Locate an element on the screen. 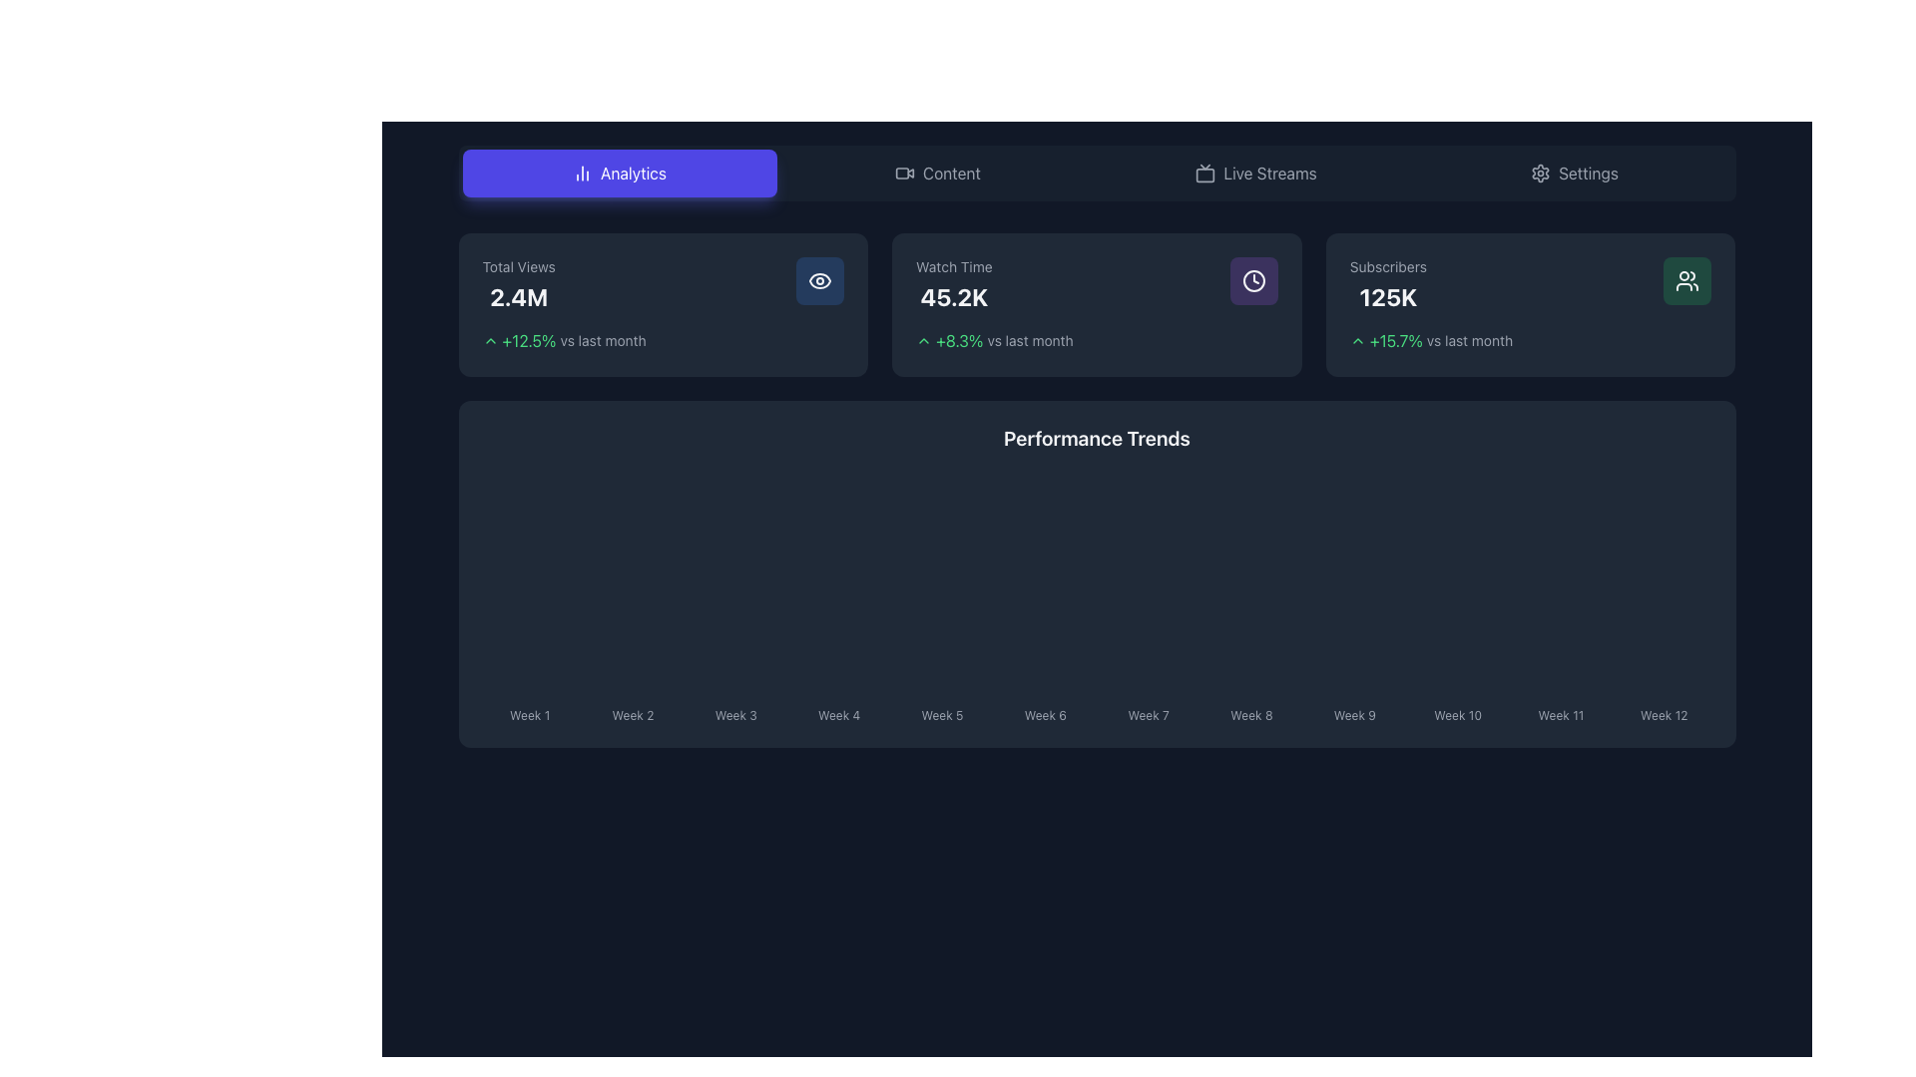 The width and height of the screenshot is (1916, 1077). the Text Display element that shows the number of subscribers, located in the second row within the third card, to the right of the 'Watch Time' card is located at coordinates (1387, 284).